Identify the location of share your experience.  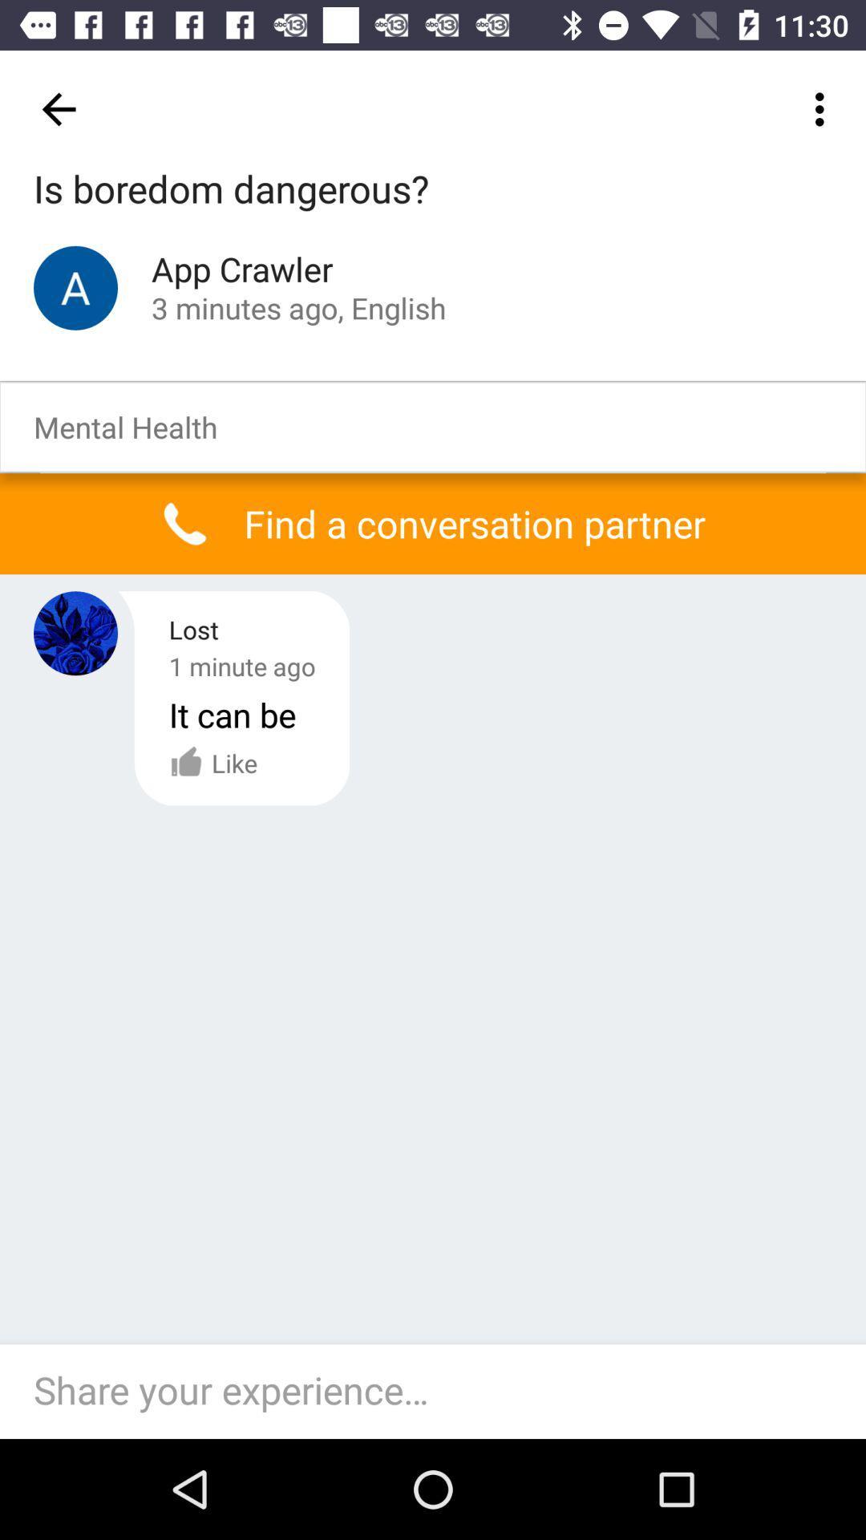
(441, 1391).